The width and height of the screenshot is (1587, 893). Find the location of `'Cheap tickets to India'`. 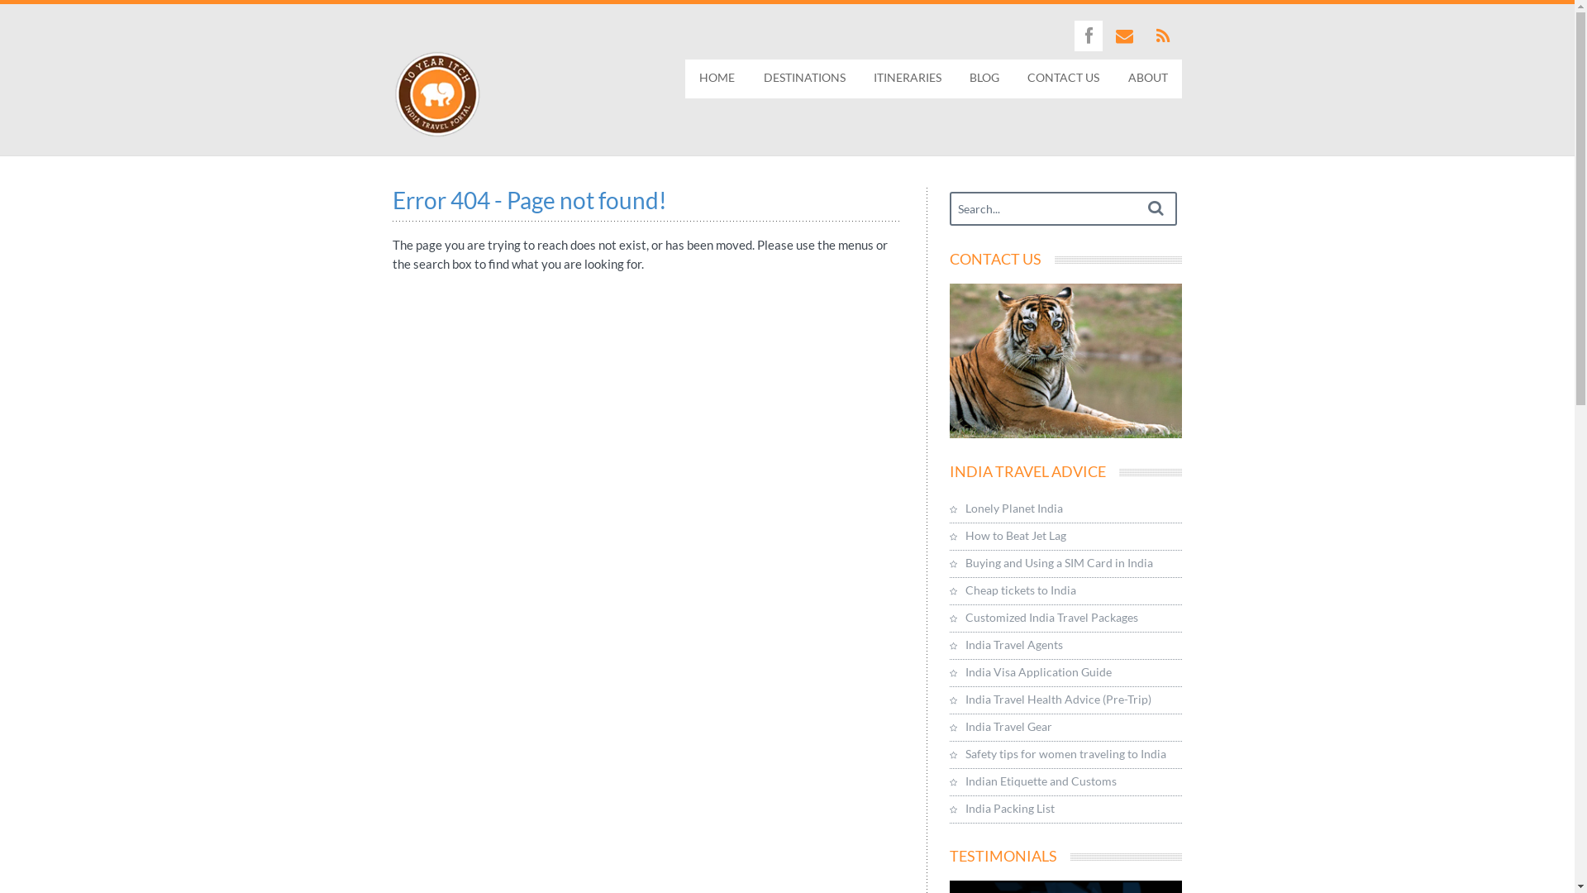

'Cheap tickets to India' is located at coordinates (949, 590).